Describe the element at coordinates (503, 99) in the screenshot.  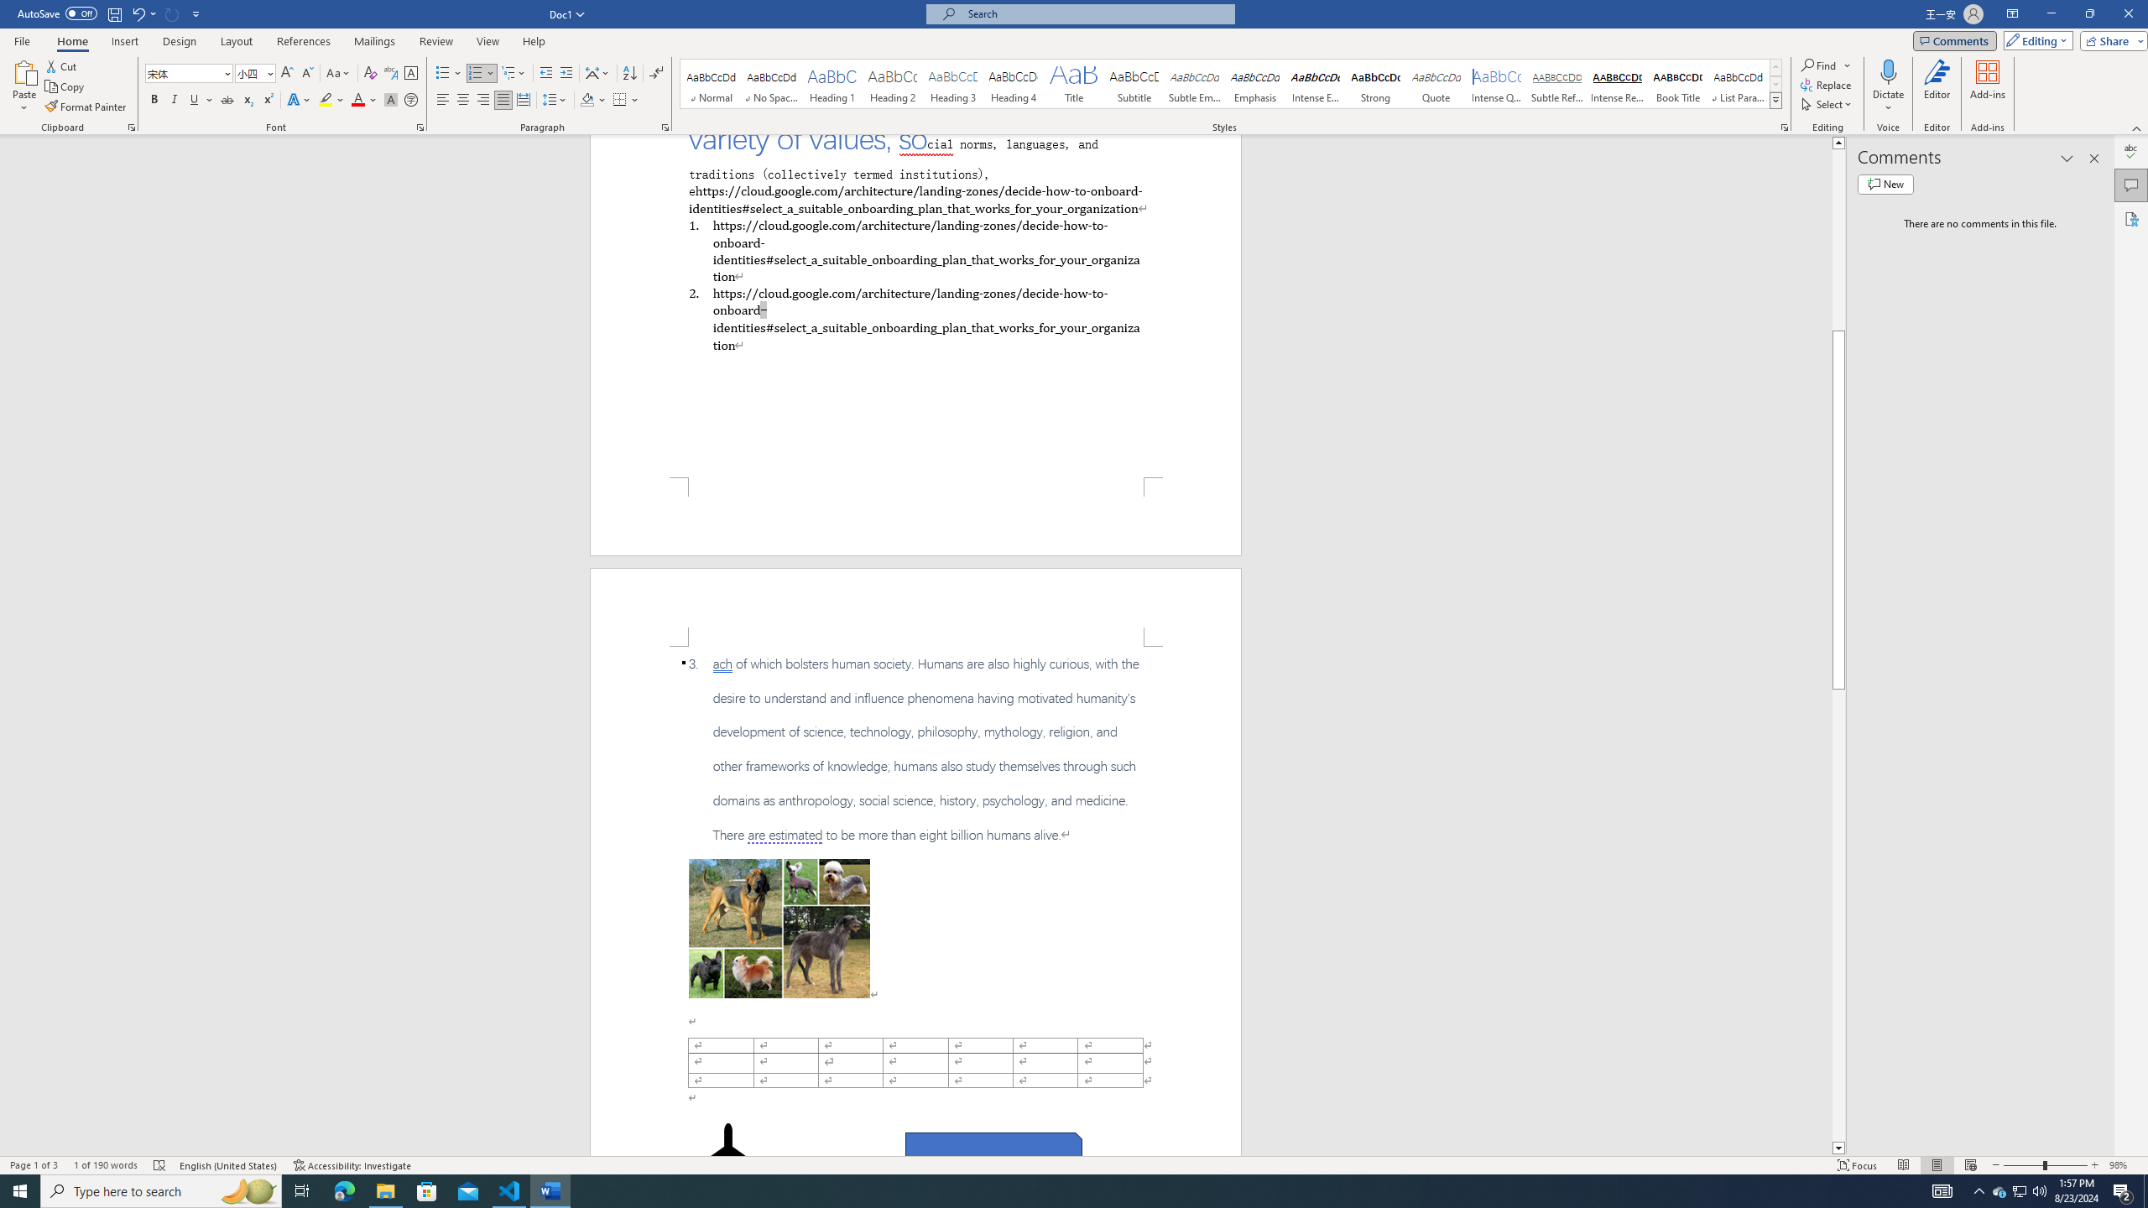
I see `'Justify'` at that location.